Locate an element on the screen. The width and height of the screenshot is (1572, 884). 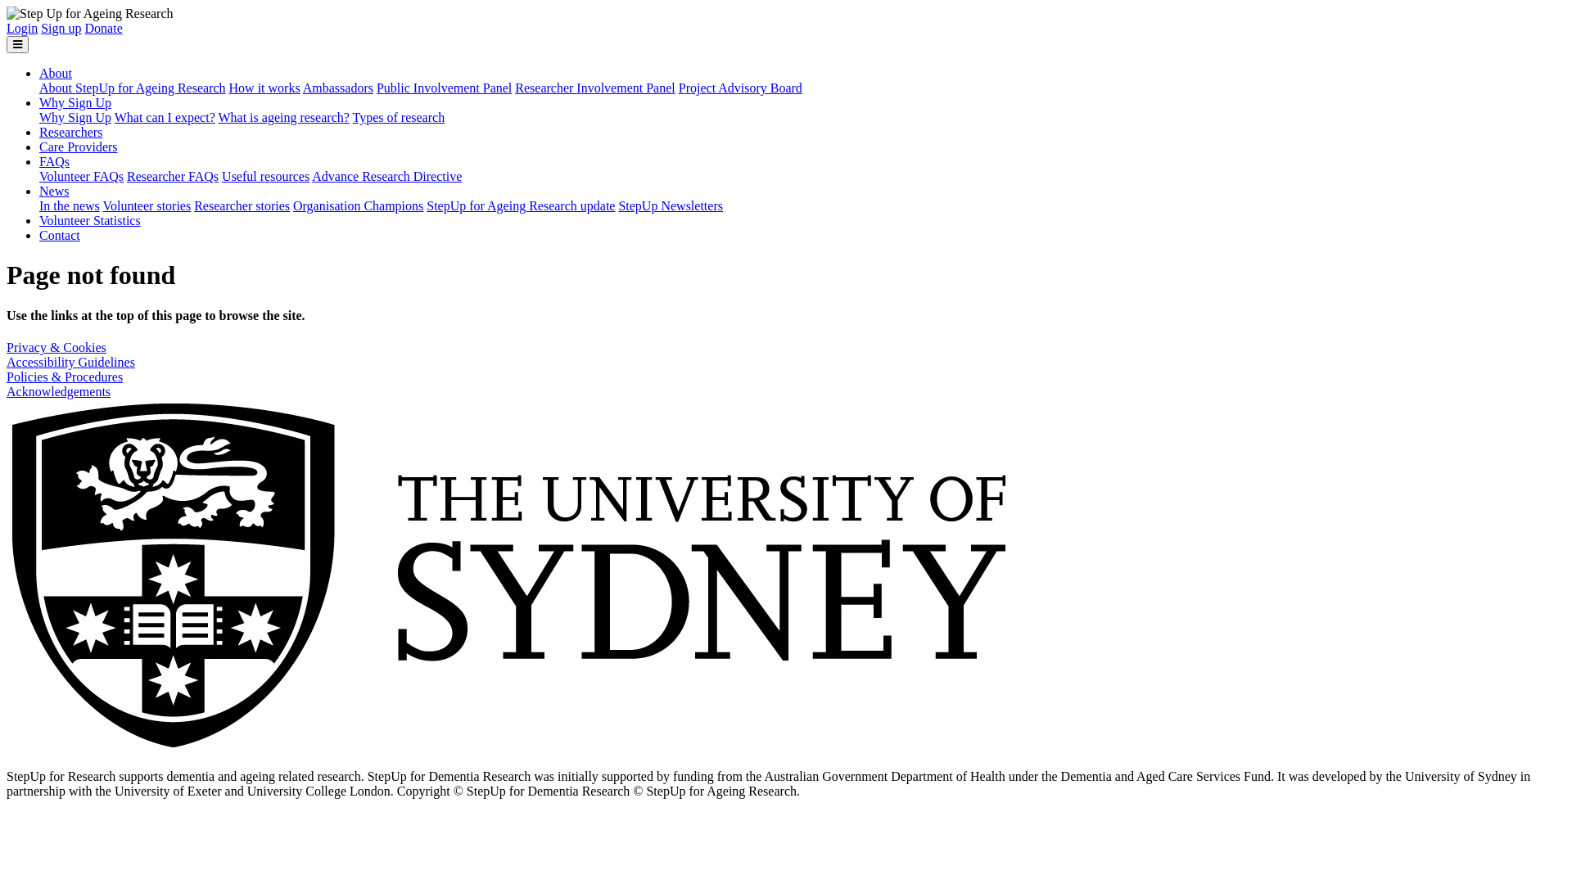
'Volunteer stories' is located at coordinates (146, 205).